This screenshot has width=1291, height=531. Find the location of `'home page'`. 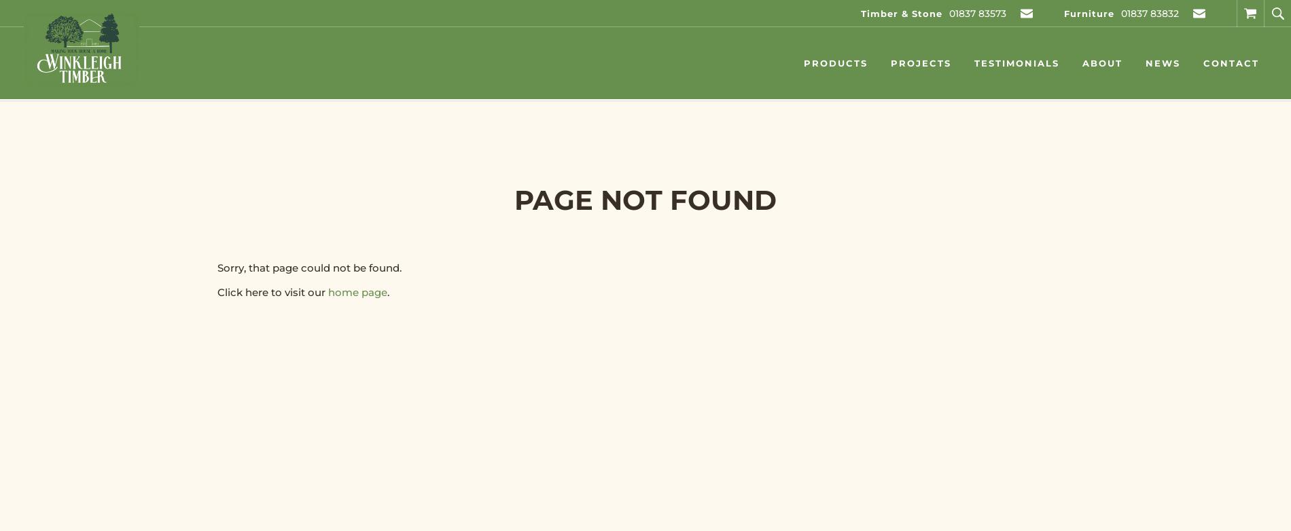

'home page' is located at coordinates (357, 292).